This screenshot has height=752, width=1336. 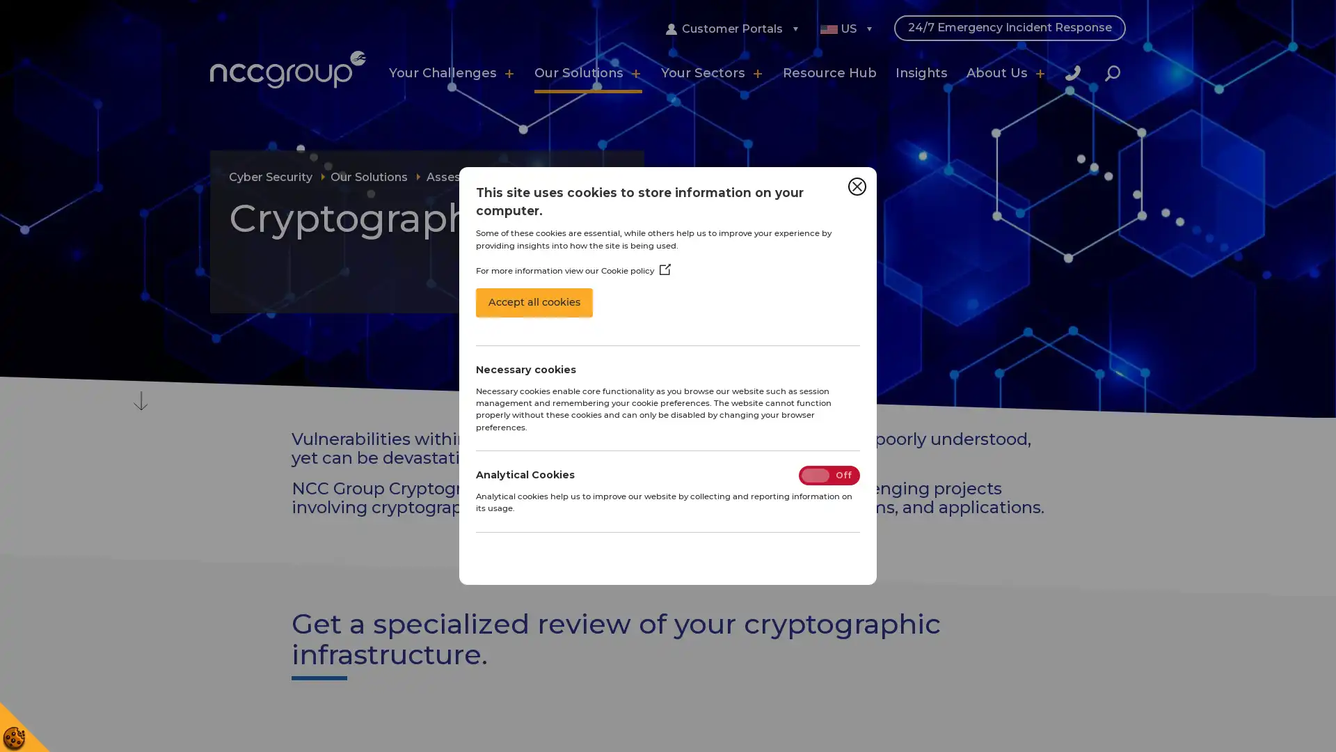 What do you see at coordinates (1067, 122) in the screenshot?
I see `Close Search` at bounding box center [1067, 122].